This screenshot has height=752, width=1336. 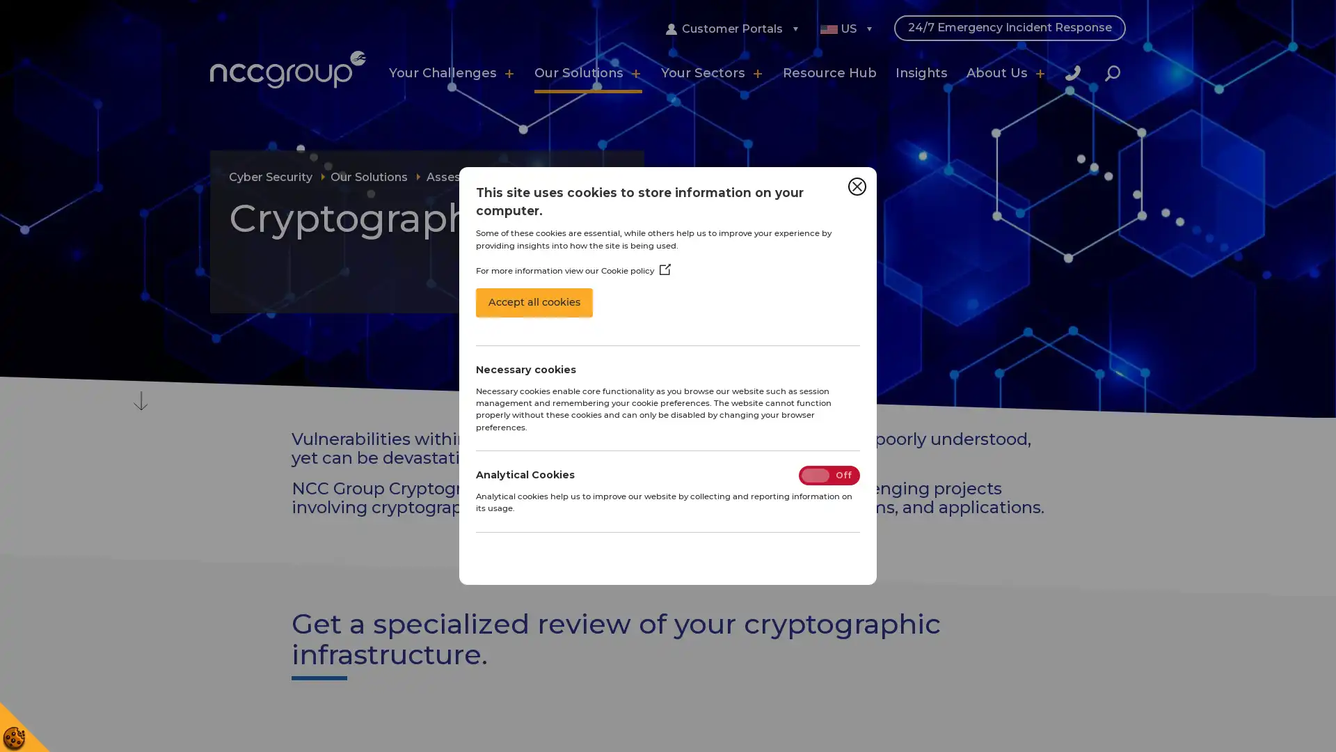 What do you see at coordinates (1067, 122) in the screenshot?
I see `Close Search` at bounding box center [1067, 122].